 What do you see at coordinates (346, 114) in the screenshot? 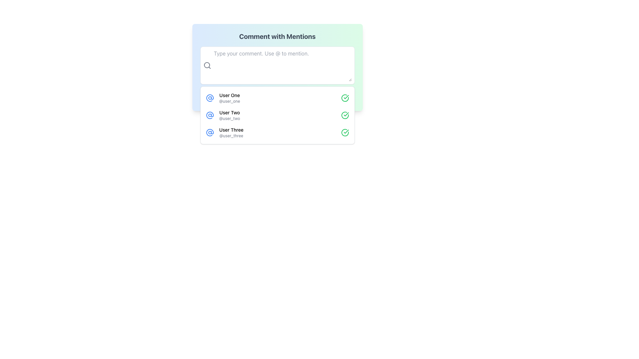
I see `the green checkmark icon within the SVG structure, located adjacent to the second user's entry in the vertical list` at bounding box center [346, 114].